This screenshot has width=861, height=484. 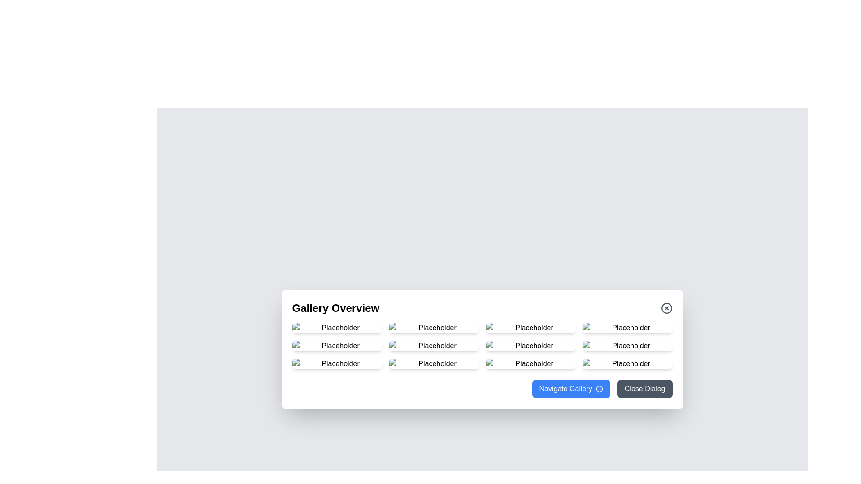 What do you see at coordinates (570, 388) in the screenshot?
I see `'Navigate Gallery' button to proceed` at bounding box center [570, 388].